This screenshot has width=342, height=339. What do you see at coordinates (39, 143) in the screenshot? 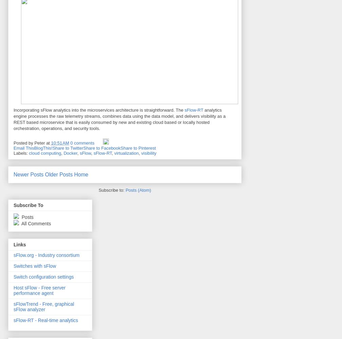
I see `'Peter'` at bounding box center [39, 143].